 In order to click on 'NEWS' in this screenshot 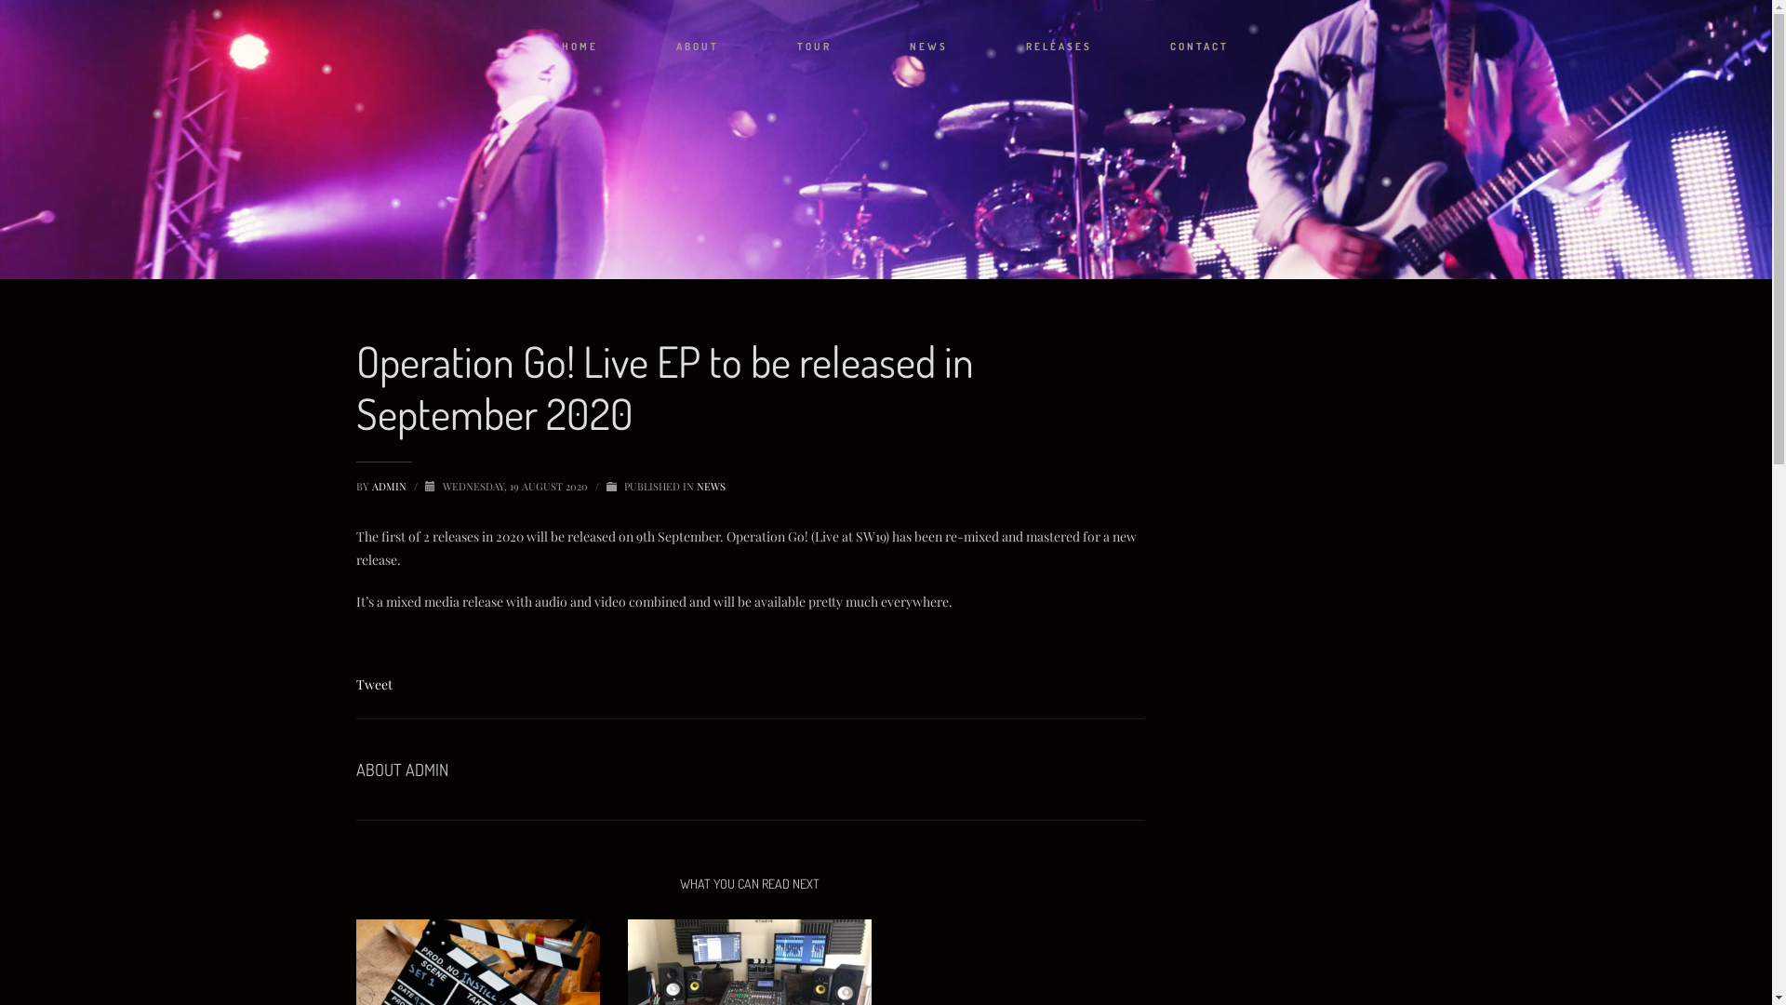, I will do `click(709, 485)`.